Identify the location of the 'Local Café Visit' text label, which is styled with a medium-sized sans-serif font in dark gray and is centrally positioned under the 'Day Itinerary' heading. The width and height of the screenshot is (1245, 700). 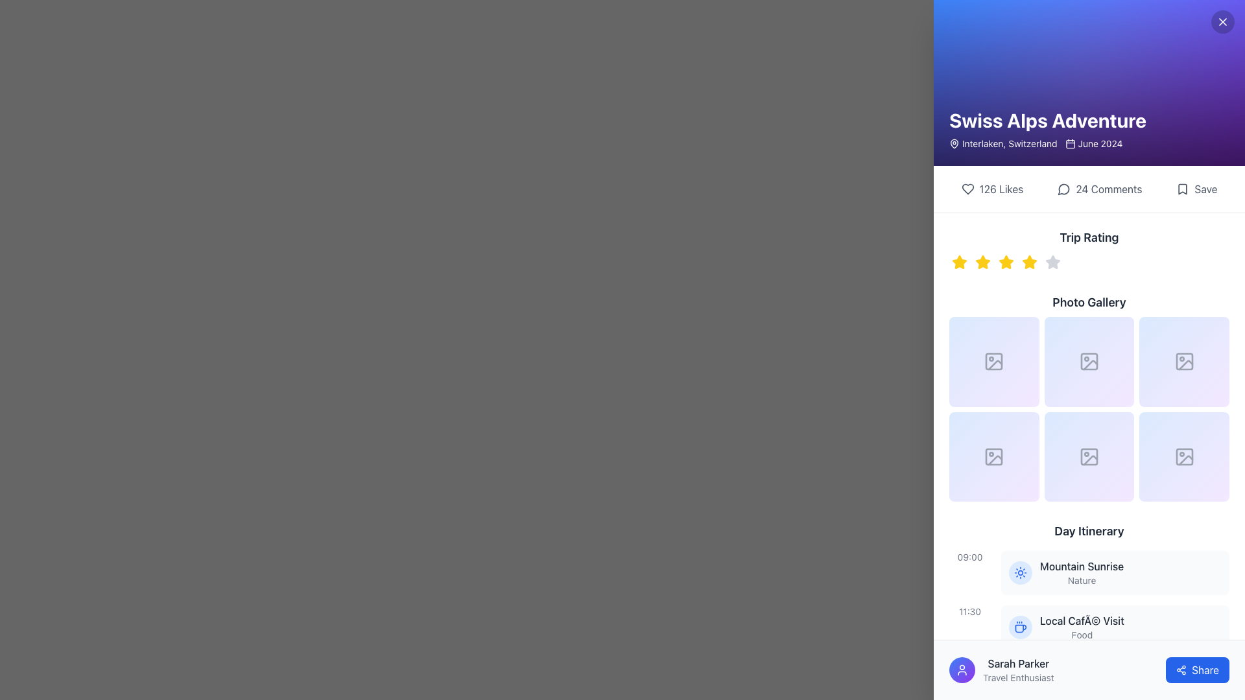
(1082, 620).